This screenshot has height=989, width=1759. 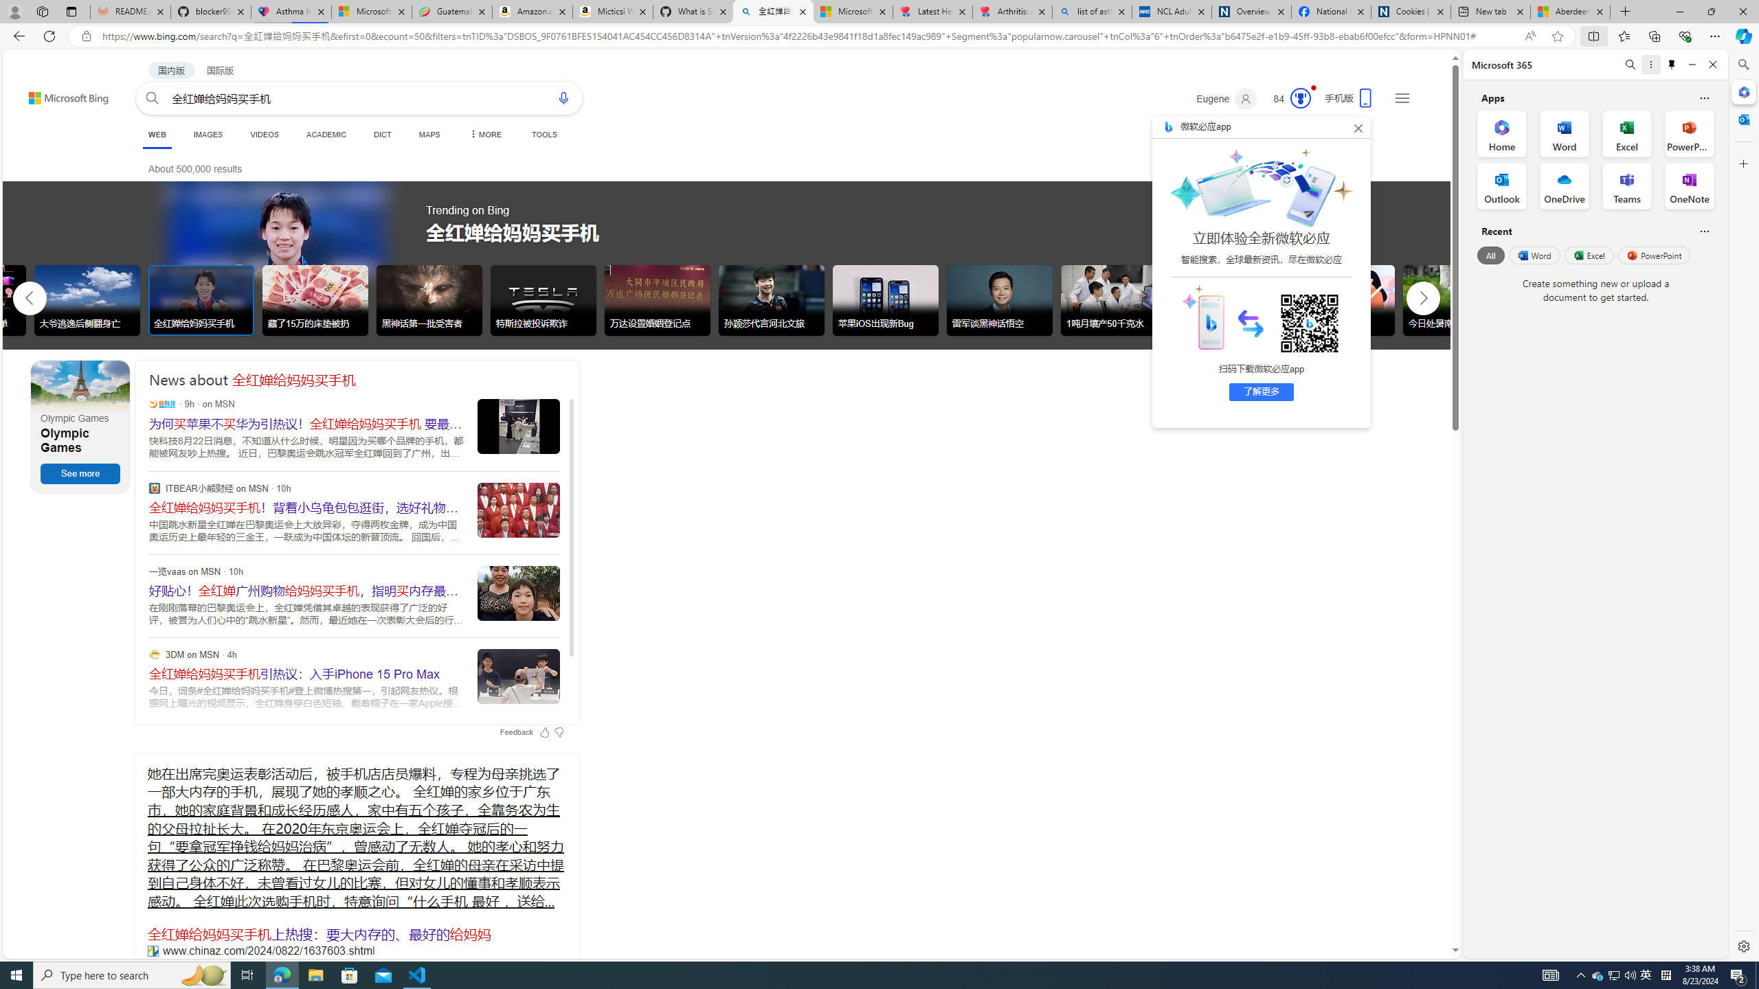 I want to click on 'All', so click(x=1490, y=255).